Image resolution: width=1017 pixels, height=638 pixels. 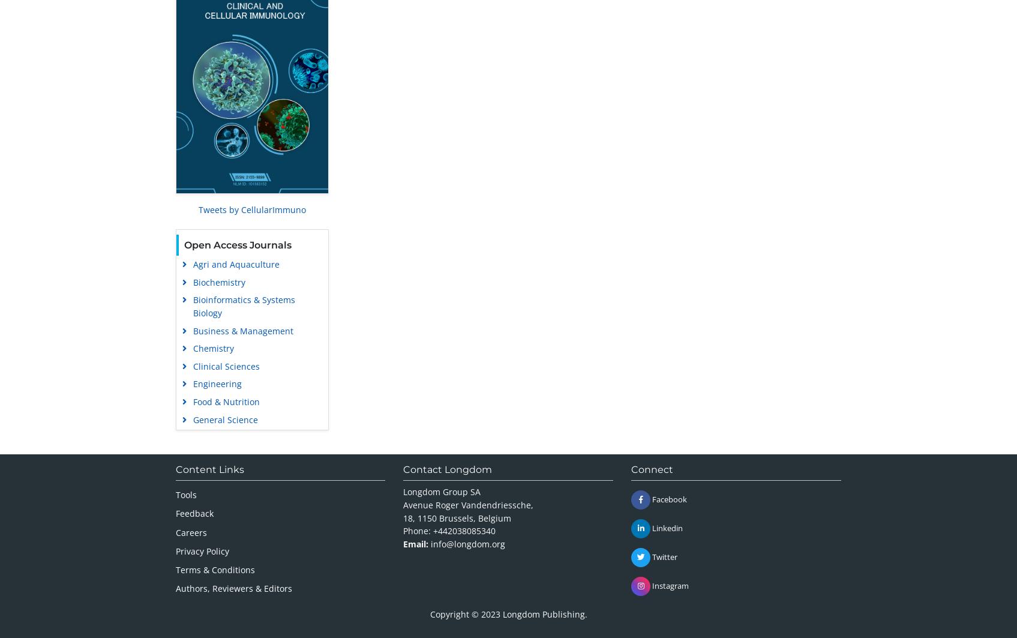 What do you see at coordinates (175, 550) in the screenshot?
I see `'Privacy Policy'` at bounding box center [175, 550].